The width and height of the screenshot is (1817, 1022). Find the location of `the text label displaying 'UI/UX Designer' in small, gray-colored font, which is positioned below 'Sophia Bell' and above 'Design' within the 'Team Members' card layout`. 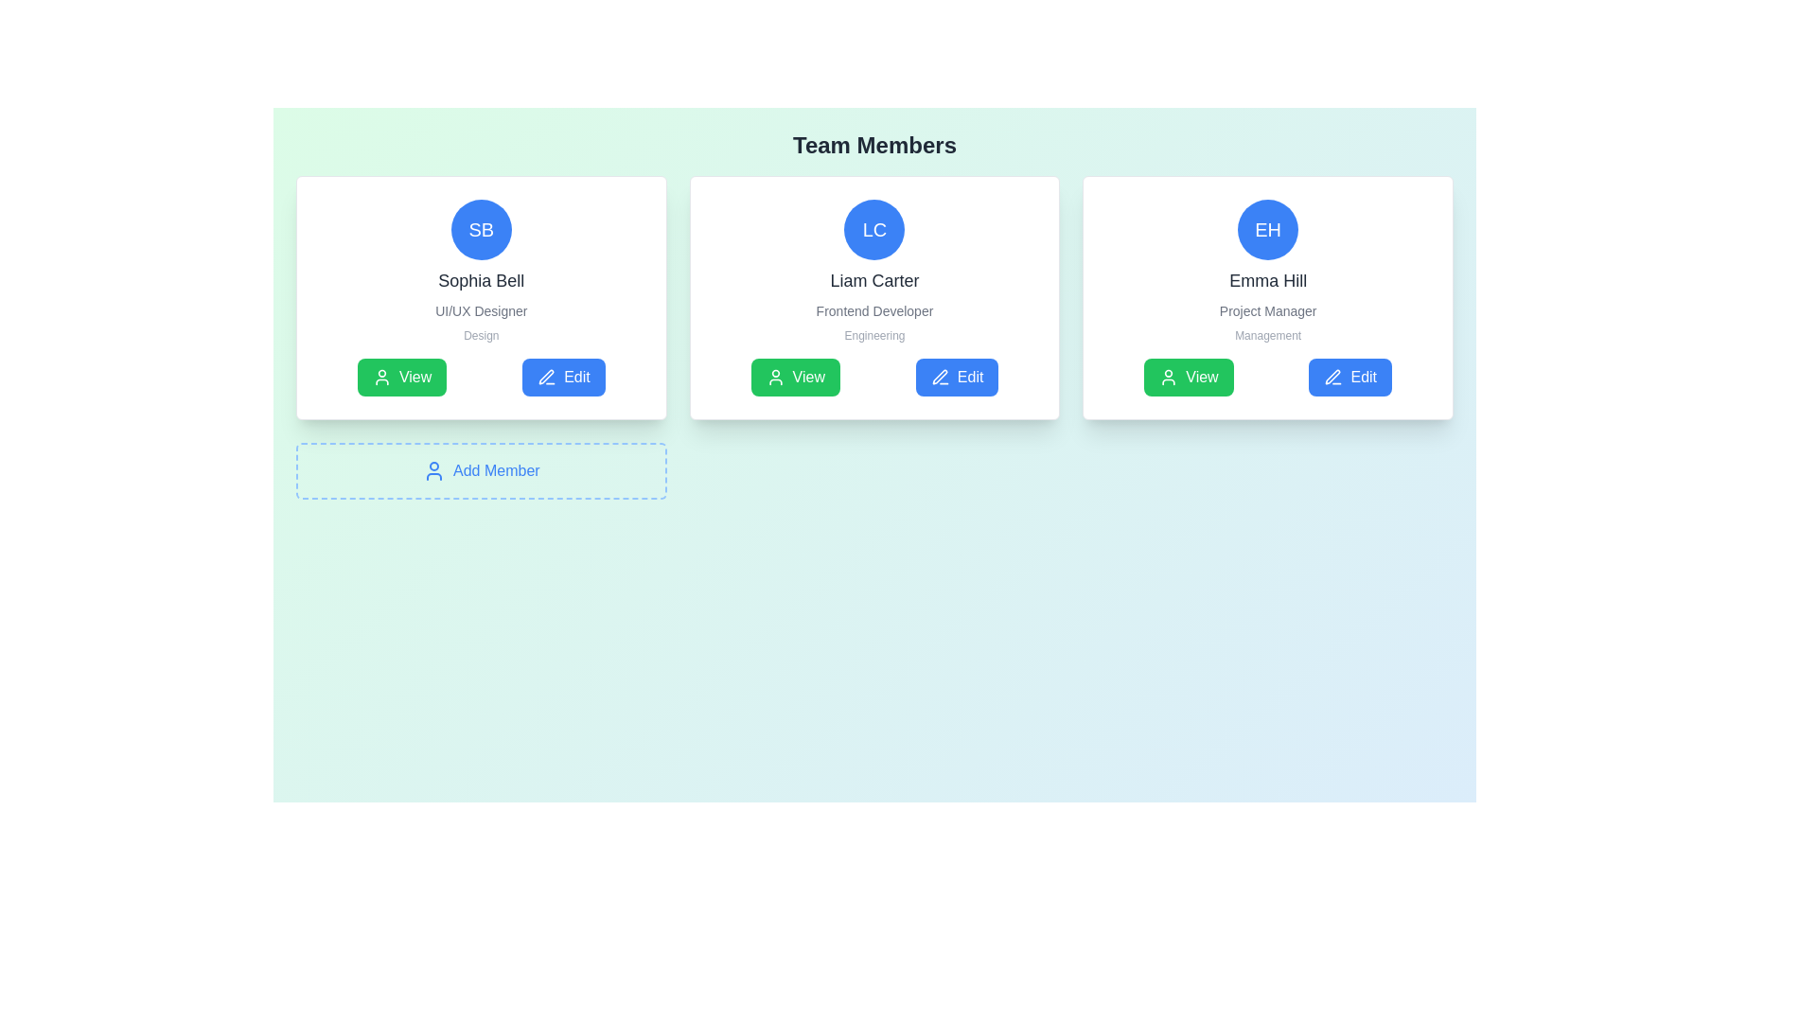

the text label displaying 'UI/UX Designer' in small, gray-colored font, which is positioned below 'Sophia Bell' and above 'Design' within the 'Team Members' card layout is located at coordinates (481, 309).